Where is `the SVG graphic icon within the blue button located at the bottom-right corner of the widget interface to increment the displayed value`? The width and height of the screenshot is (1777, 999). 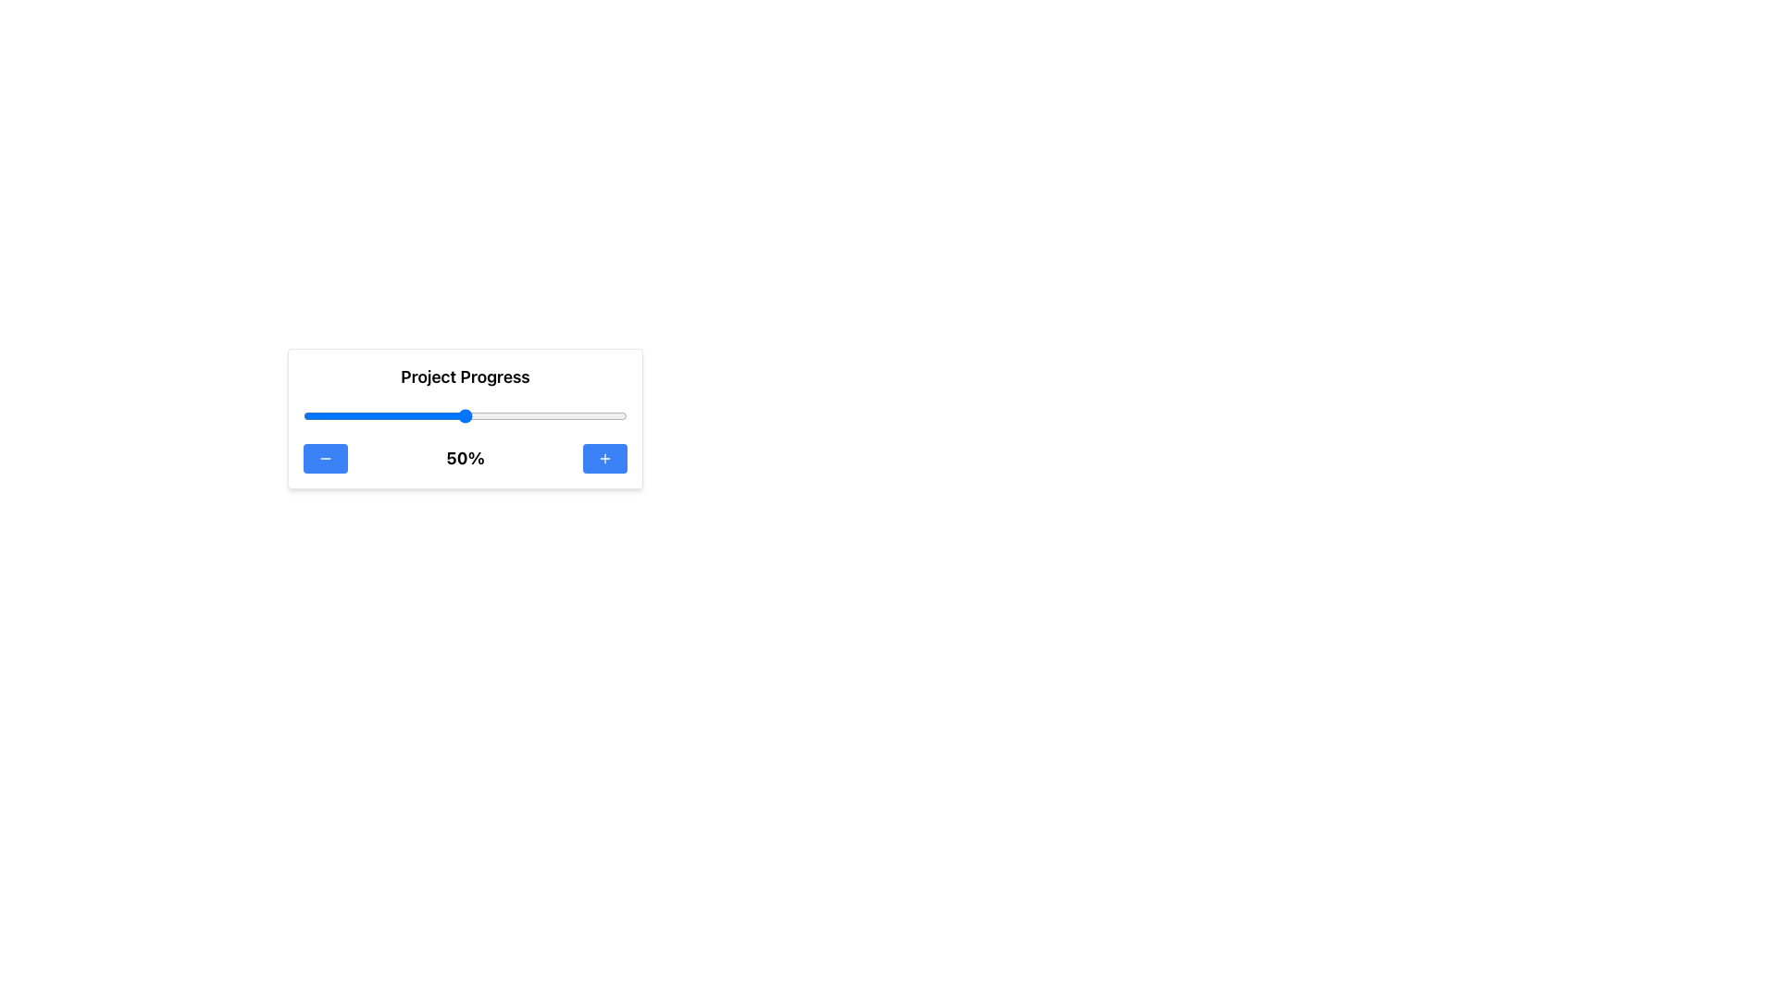 the SVG graphic icon within the blue button located at the bottom-right corner of the widget interface to increment the displayed value is located at coordinates (604, 458).